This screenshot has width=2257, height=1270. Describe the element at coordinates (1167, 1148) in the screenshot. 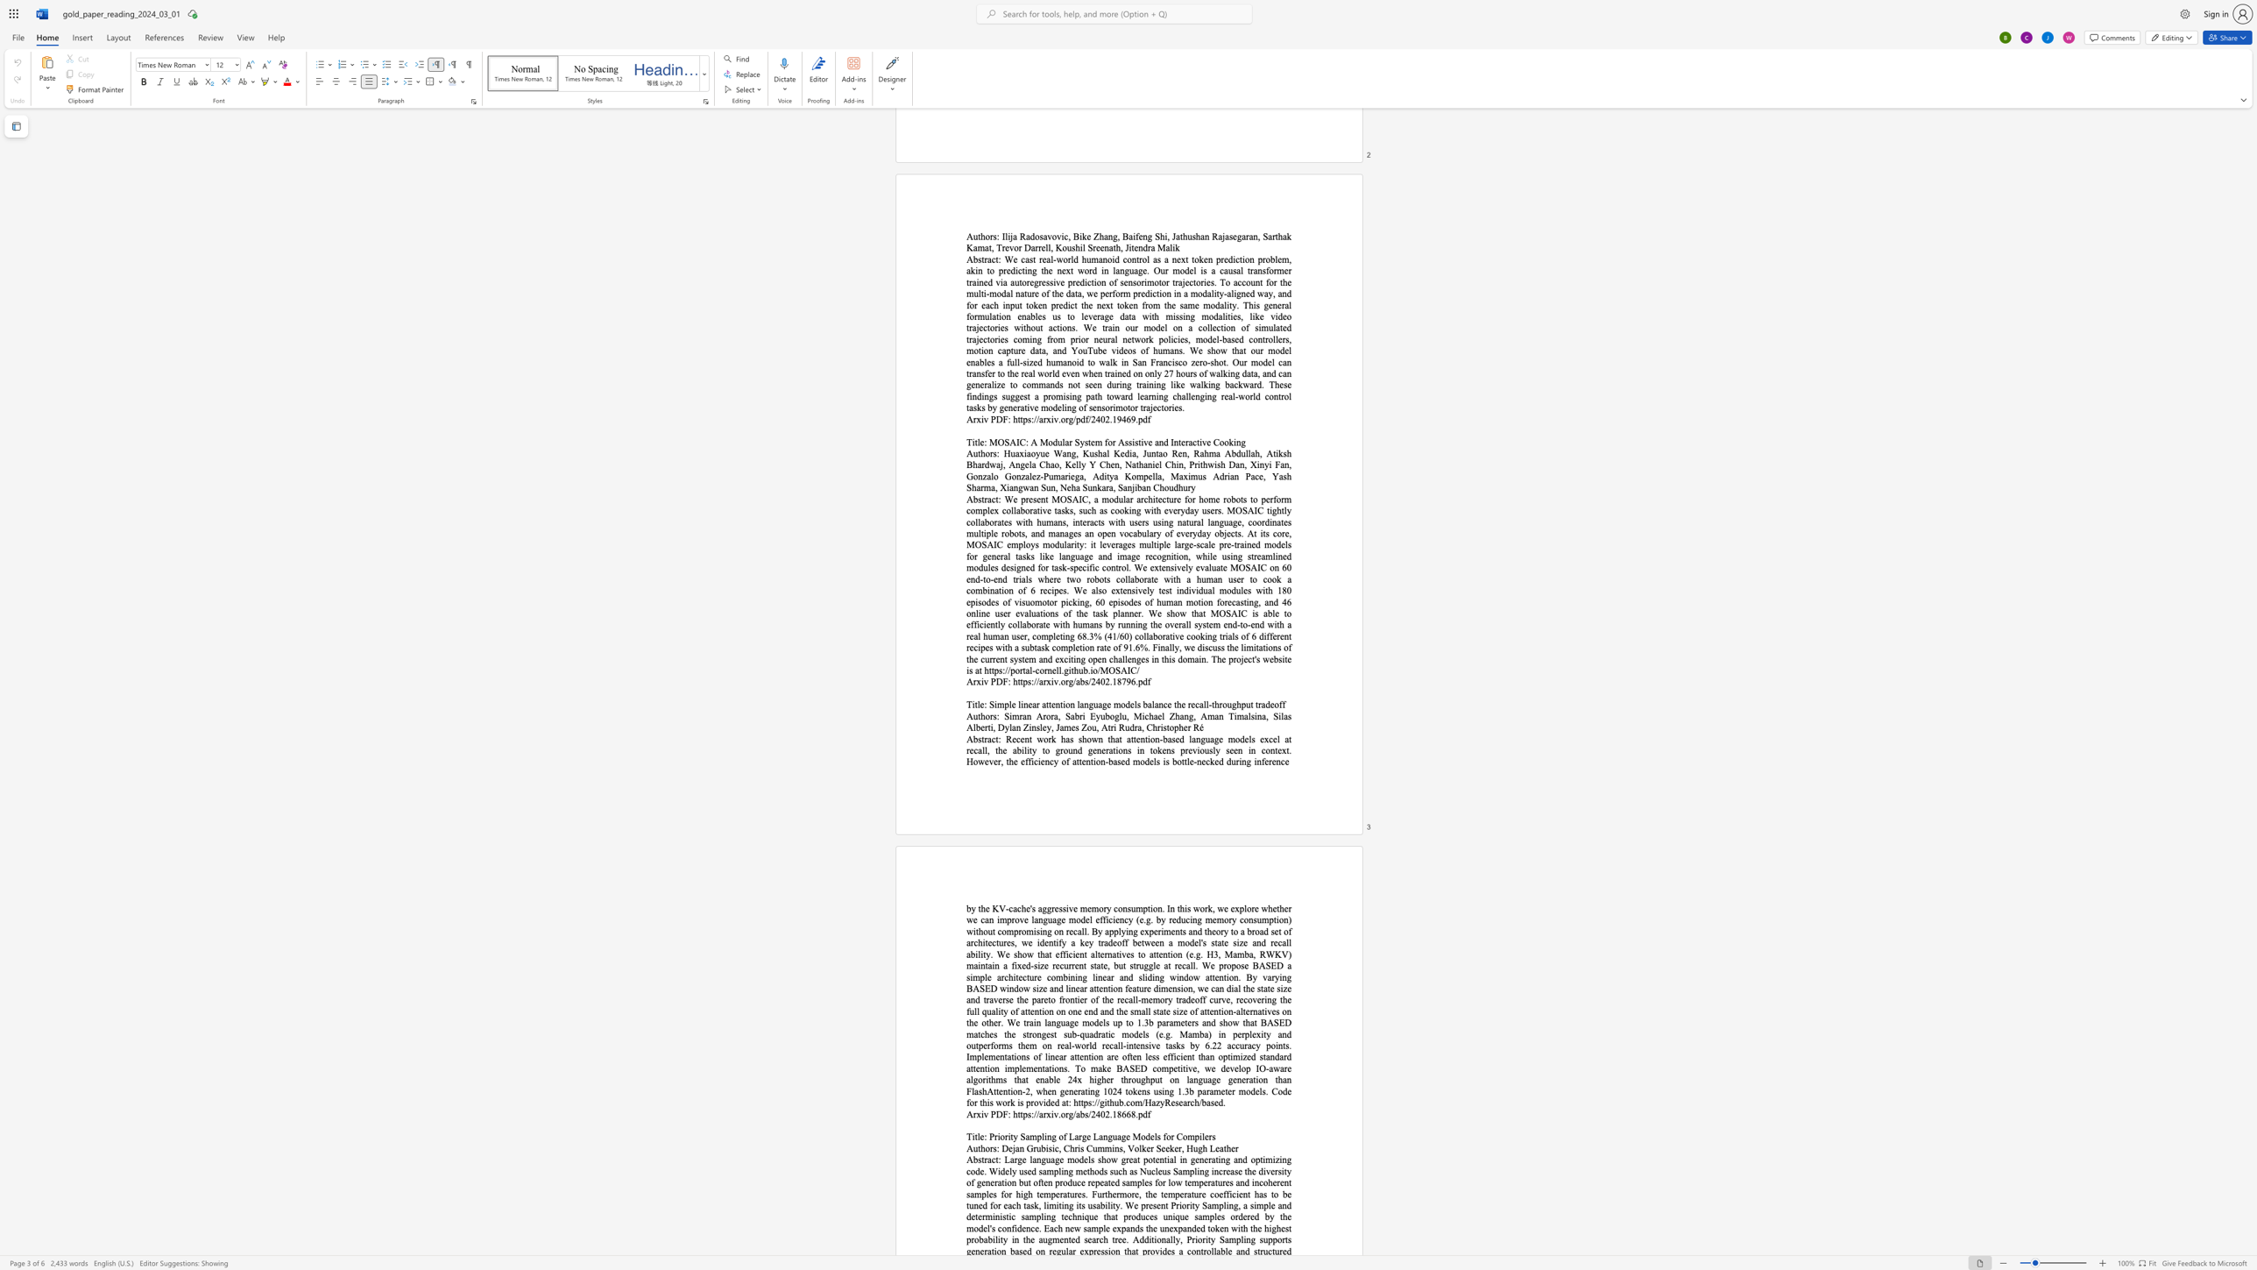

I see `the 4th character "e" in the text` at that location.